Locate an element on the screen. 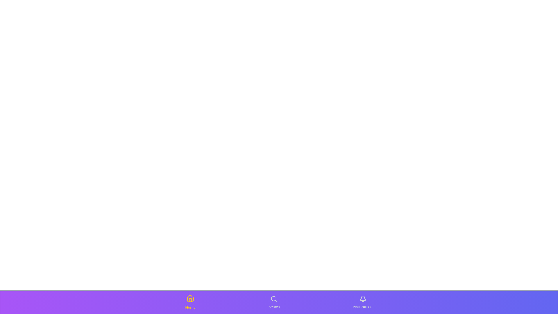  the Notifications icon is located at coordinates (362, 302).